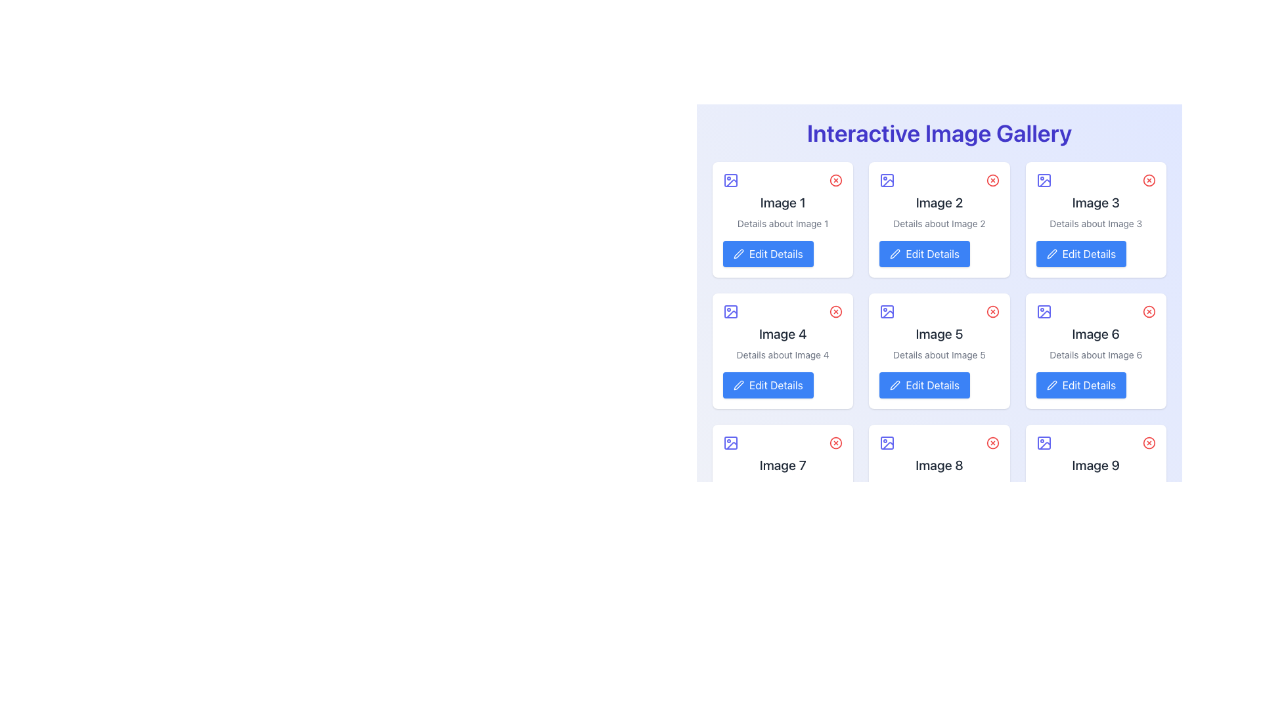 This screenshot has height=709, width=1261. What do you see at coordinates (1148, 180) in the screenshot?
I see `the Icon Button in the upper-right corner of the card labeled 'Image 3'` at bounding box center [1148, 180].